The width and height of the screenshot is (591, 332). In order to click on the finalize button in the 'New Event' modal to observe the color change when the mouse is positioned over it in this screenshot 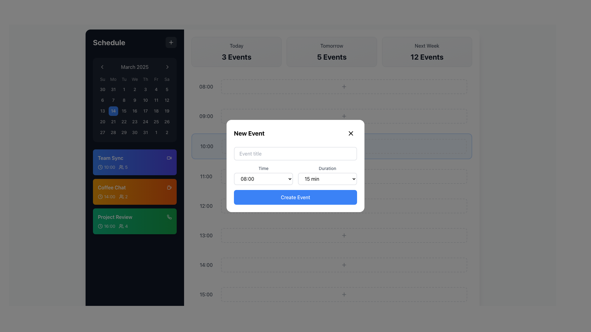, I will do `click(295, 197)`.